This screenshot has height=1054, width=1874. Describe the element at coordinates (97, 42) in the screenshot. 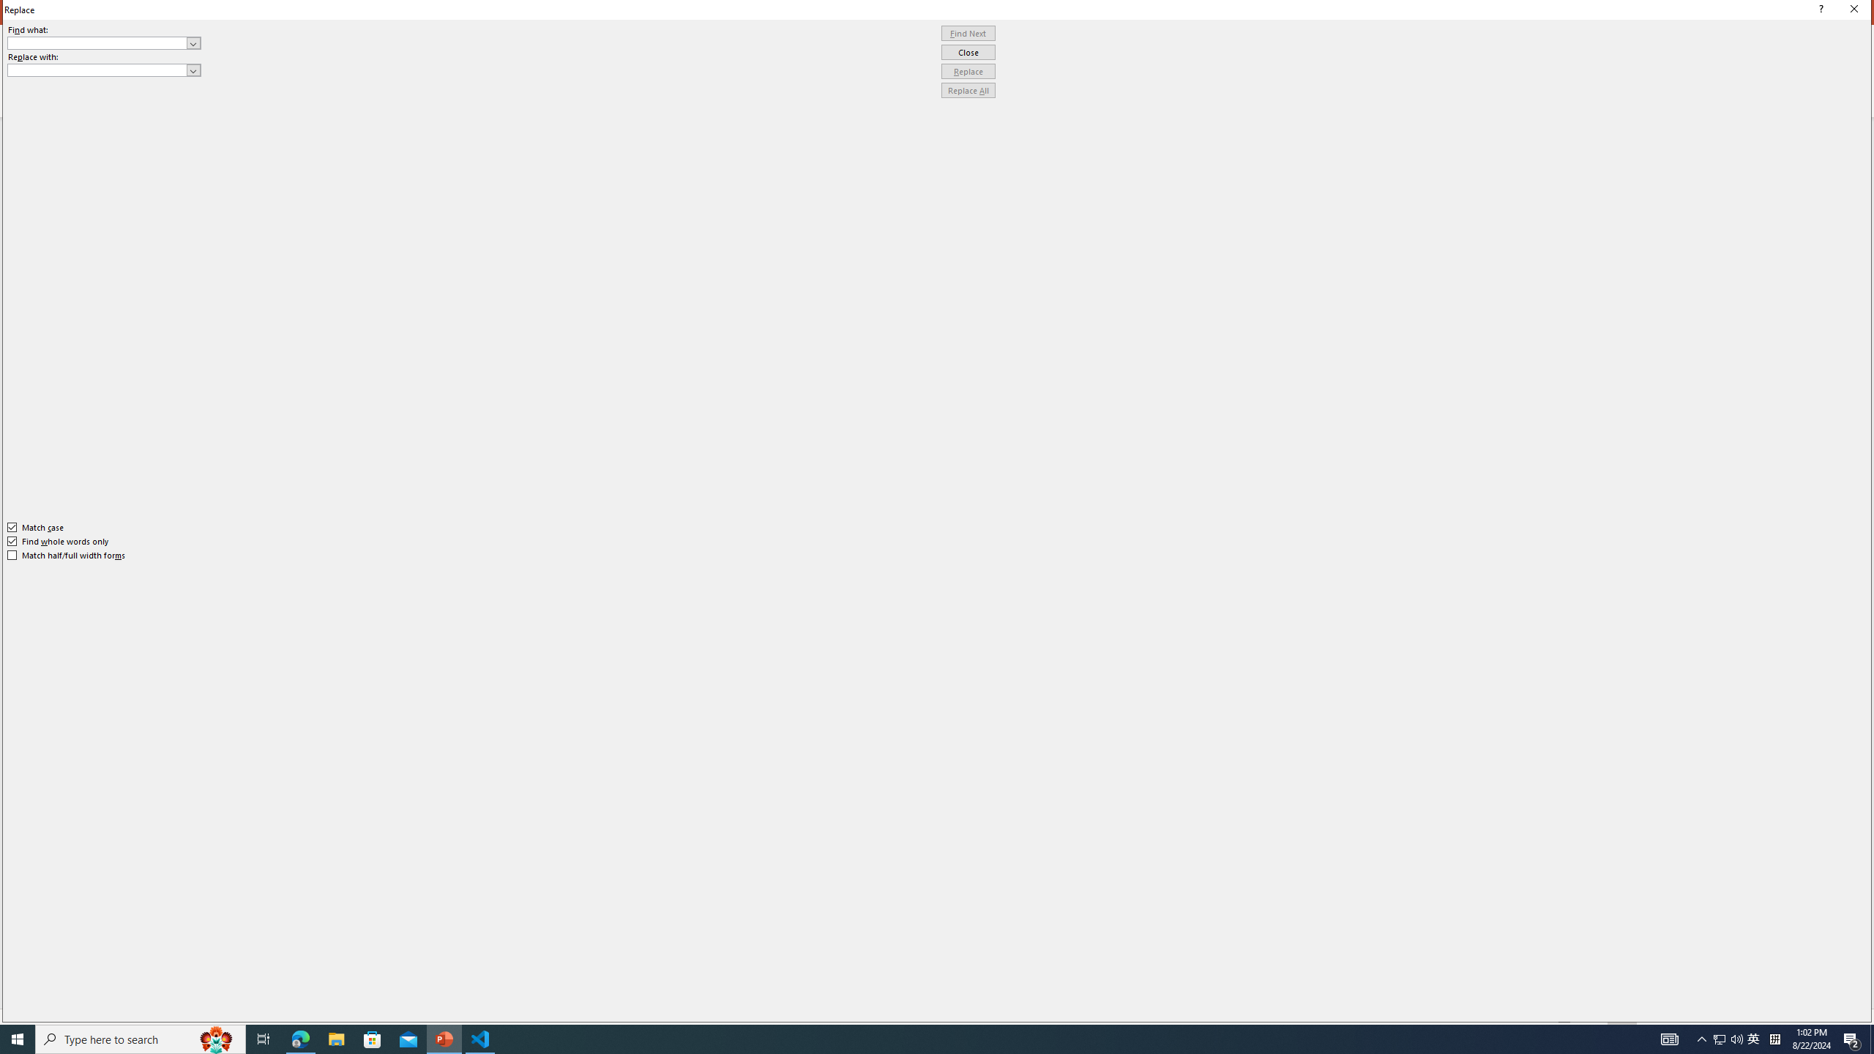

I see `'Find what'` at that location.